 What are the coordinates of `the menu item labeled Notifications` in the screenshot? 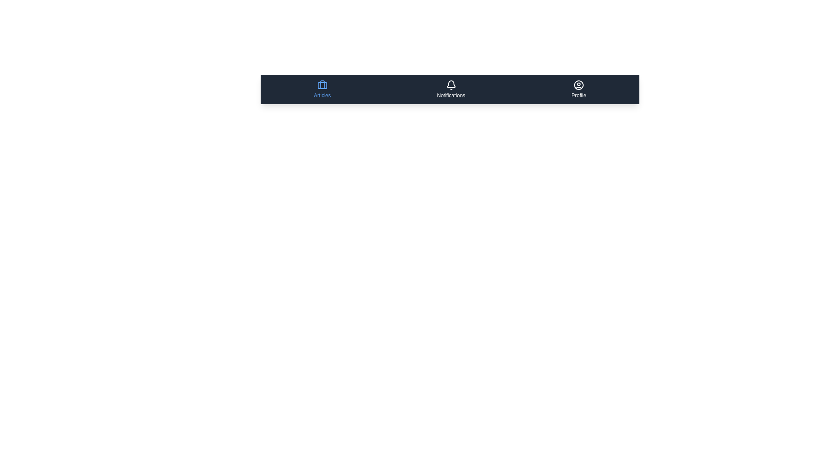 It's located at (450, 90).